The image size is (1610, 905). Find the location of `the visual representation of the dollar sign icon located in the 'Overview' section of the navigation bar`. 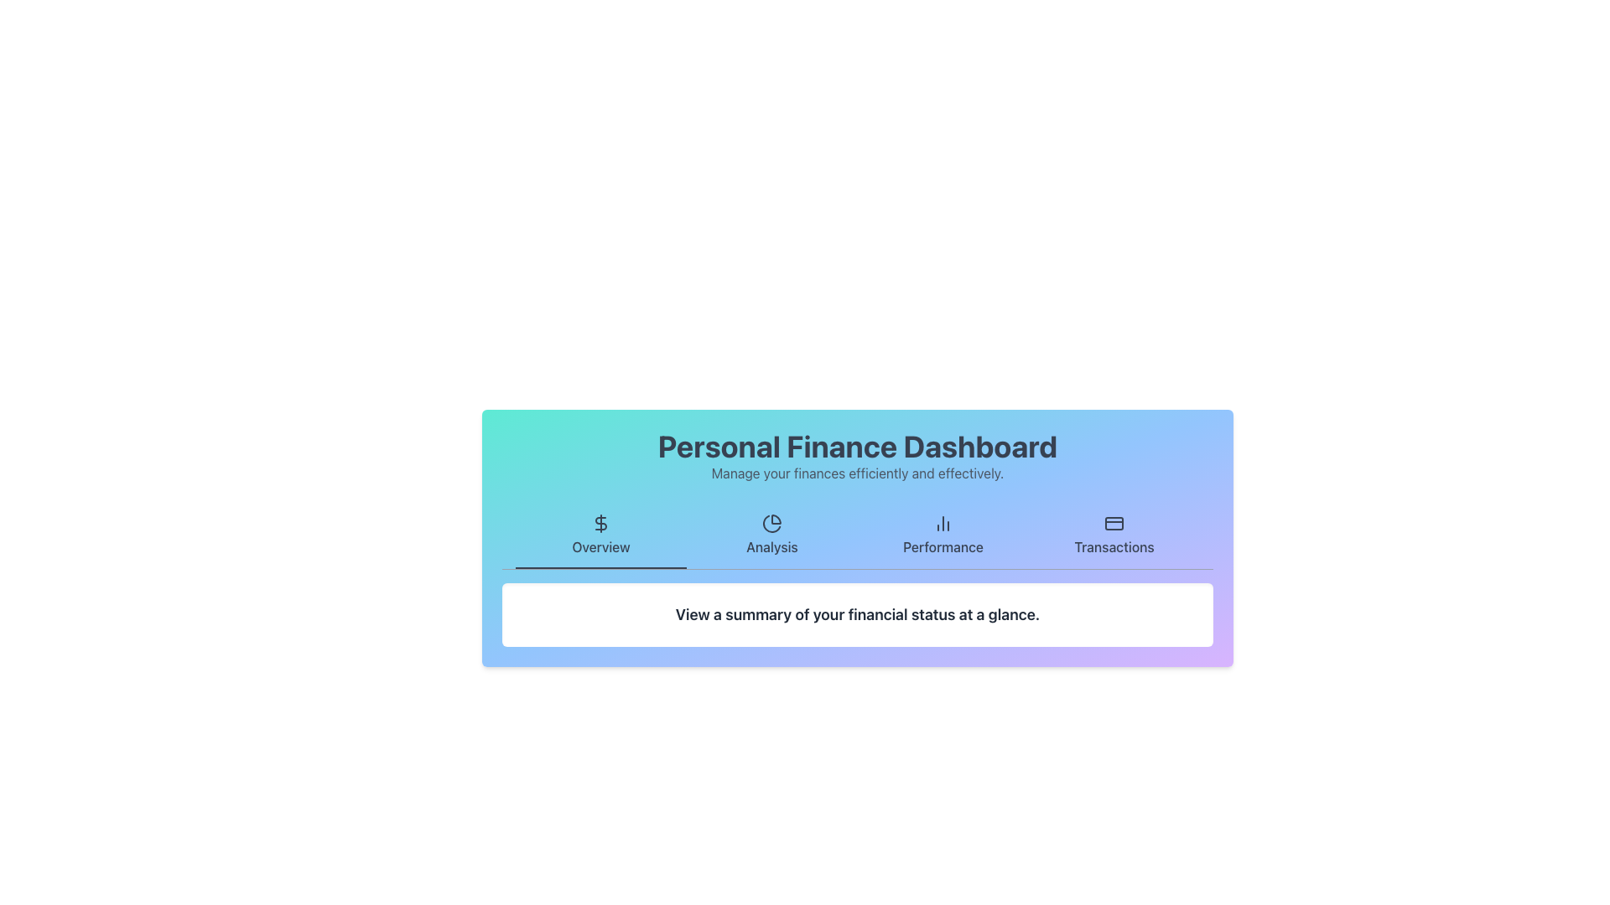

the visual representation of the dollar sign icon located in the 'Overview' section of the navigation bar is located at coordinates (600, 522).